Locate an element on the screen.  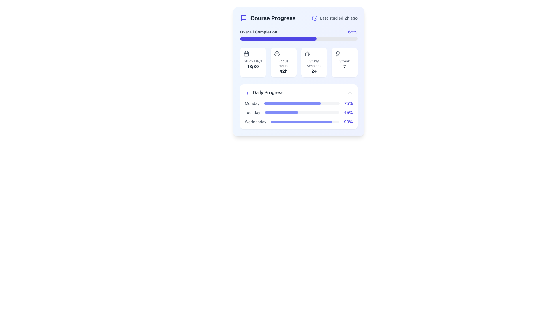
the text label indicating the day in the 'Daily Progress' section, which is positioned below the 'Tuesday' label and to the left of the adjacent progress bar is located at coordinates (255, 122).